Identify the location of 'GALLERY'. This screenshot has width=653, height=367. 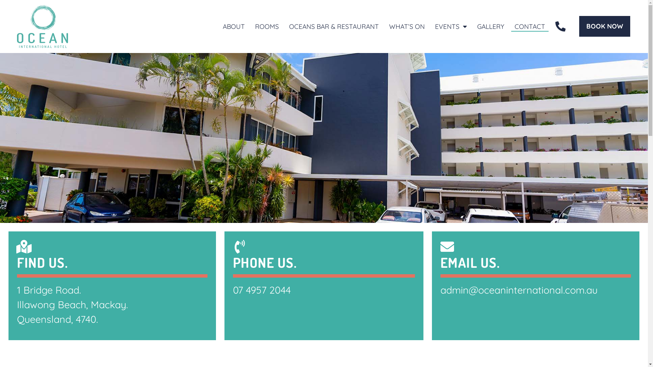
(491, 26).